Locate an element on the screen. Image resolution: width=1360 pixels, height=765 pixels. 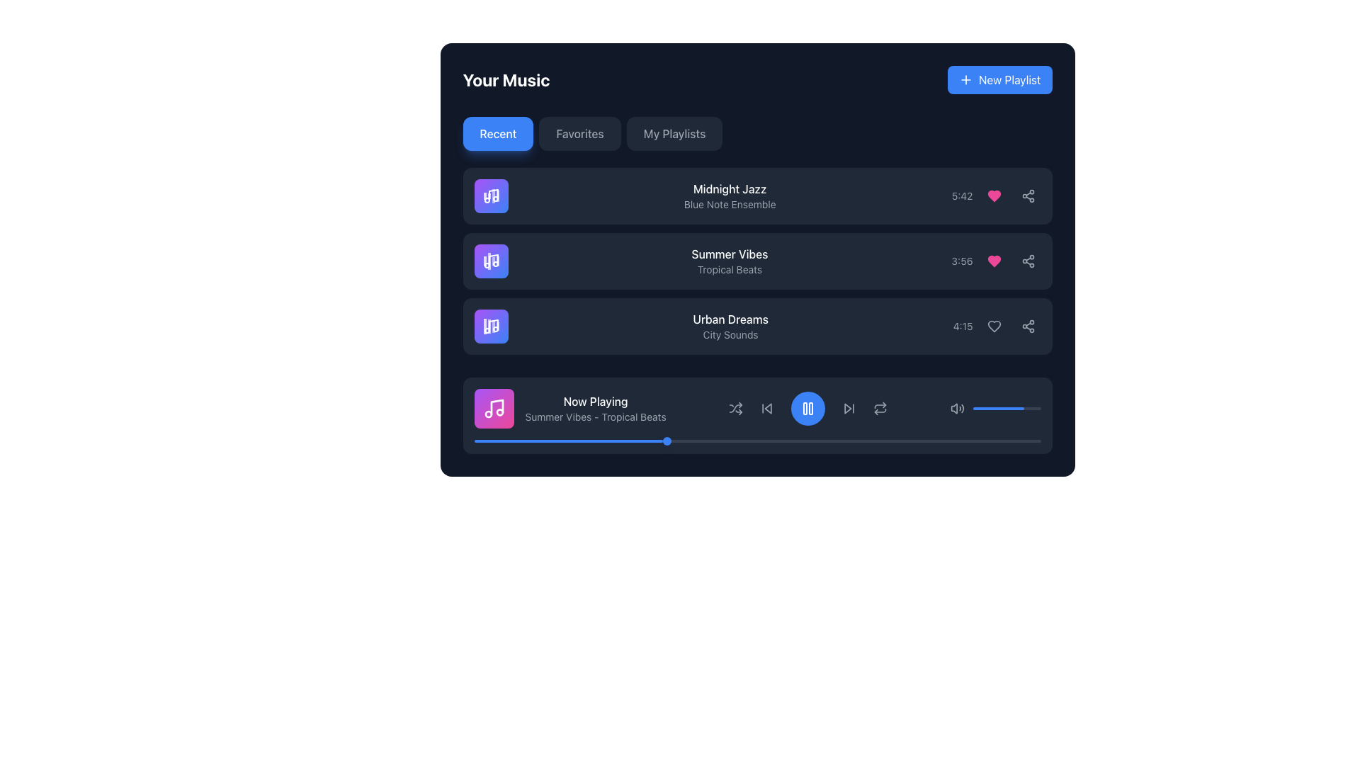
the first music track card in the playlist section located below the 'Recent' tab in the 'Your Music' section for interaction preview is located at coordinates (756, 196).